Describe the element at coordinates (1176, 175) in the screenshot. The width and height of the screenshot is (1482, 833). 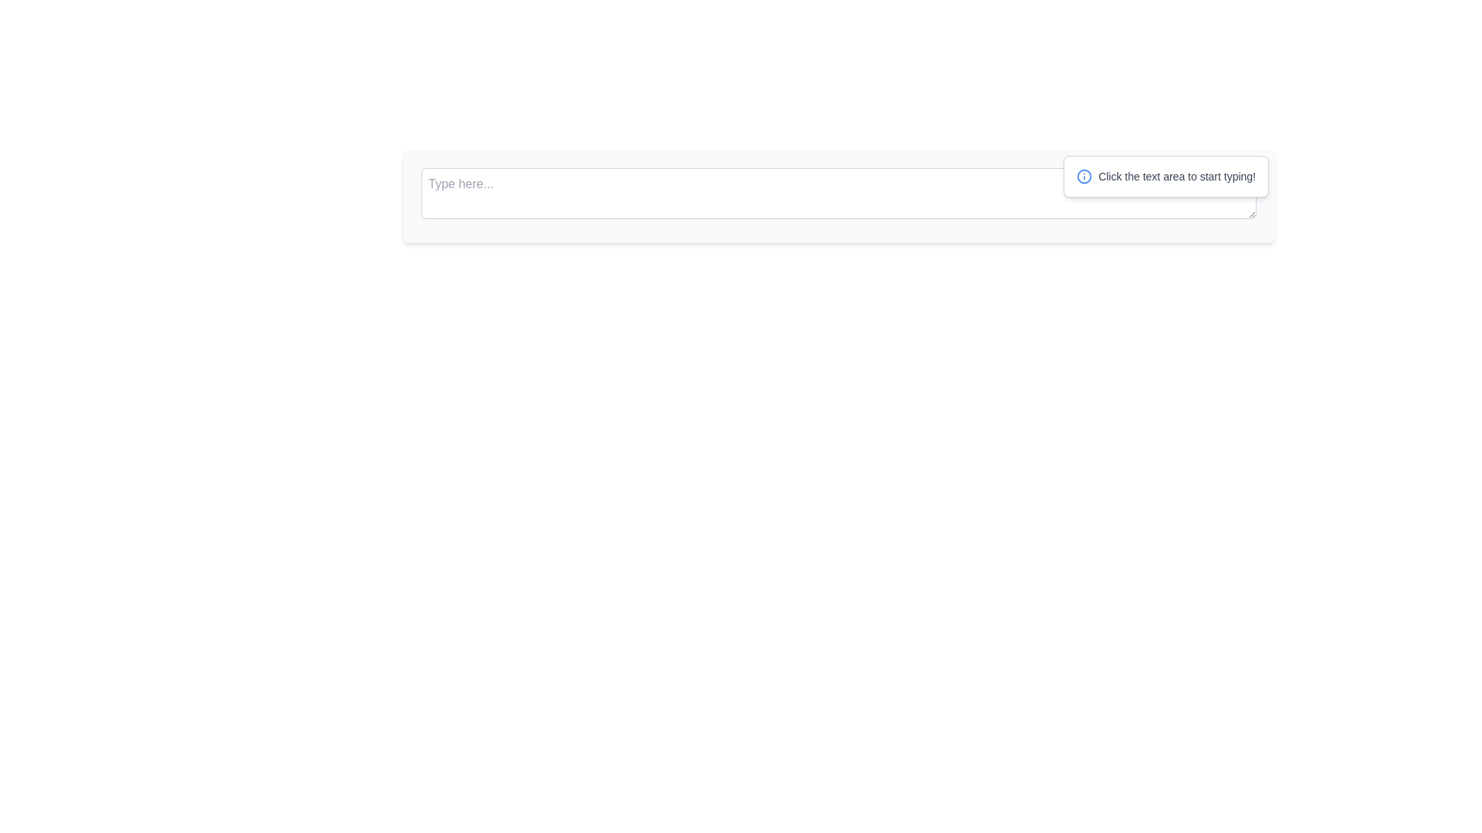
I see `the text label that prompts 'Click the text area to start typing!', which is styled in a small gray font and is located to the right of a small blue icon` at that location.